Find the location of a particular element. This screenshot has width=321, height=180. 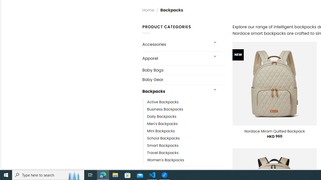

'Baby Bags' is located at coordinates (183, 70).